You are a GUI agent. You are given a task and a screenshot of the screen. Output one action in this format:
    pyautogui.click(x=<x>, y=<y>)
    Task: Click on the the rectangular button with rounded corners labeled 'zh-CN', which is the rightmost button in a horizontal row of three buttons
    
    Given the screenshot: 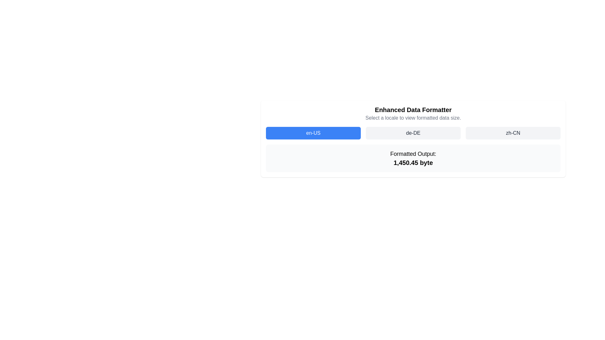 What is the action you would take?
    pyautogui.click(x=513, y=133)
    